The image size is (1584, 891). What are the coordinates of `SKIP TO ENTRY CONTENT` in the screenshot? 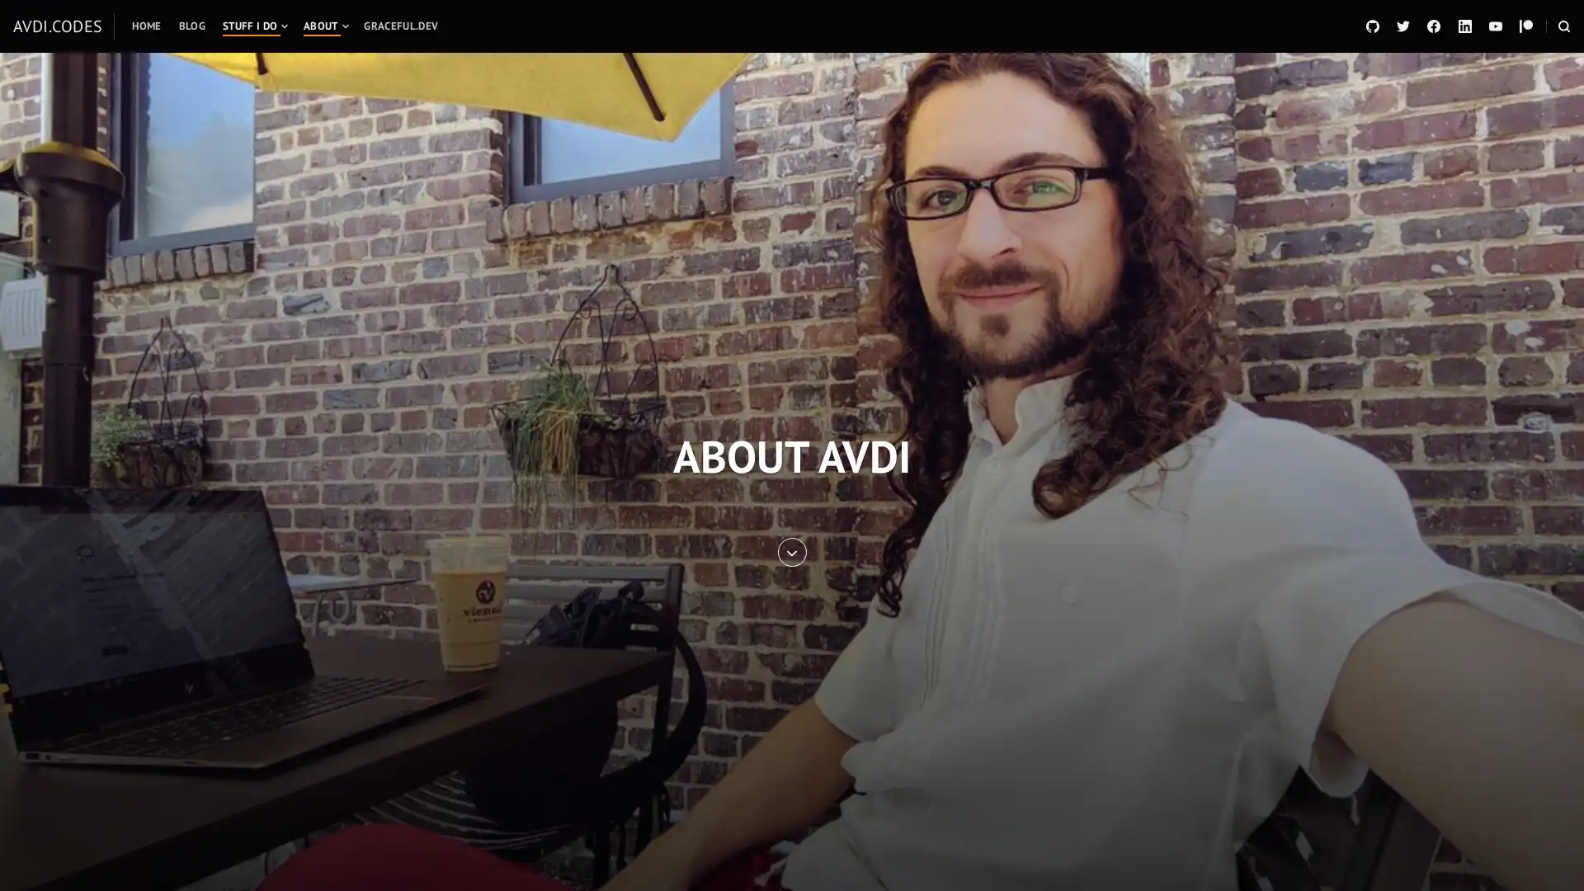 It's located at (790, 552).